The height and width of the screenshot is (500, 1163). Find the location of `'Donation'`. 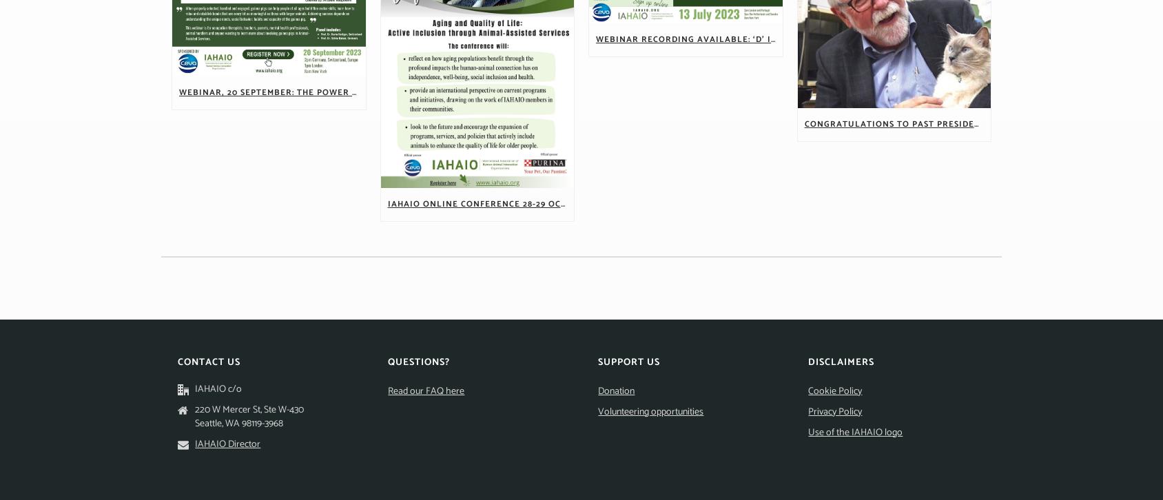

'Donation' is located at coordinates (615, 390).